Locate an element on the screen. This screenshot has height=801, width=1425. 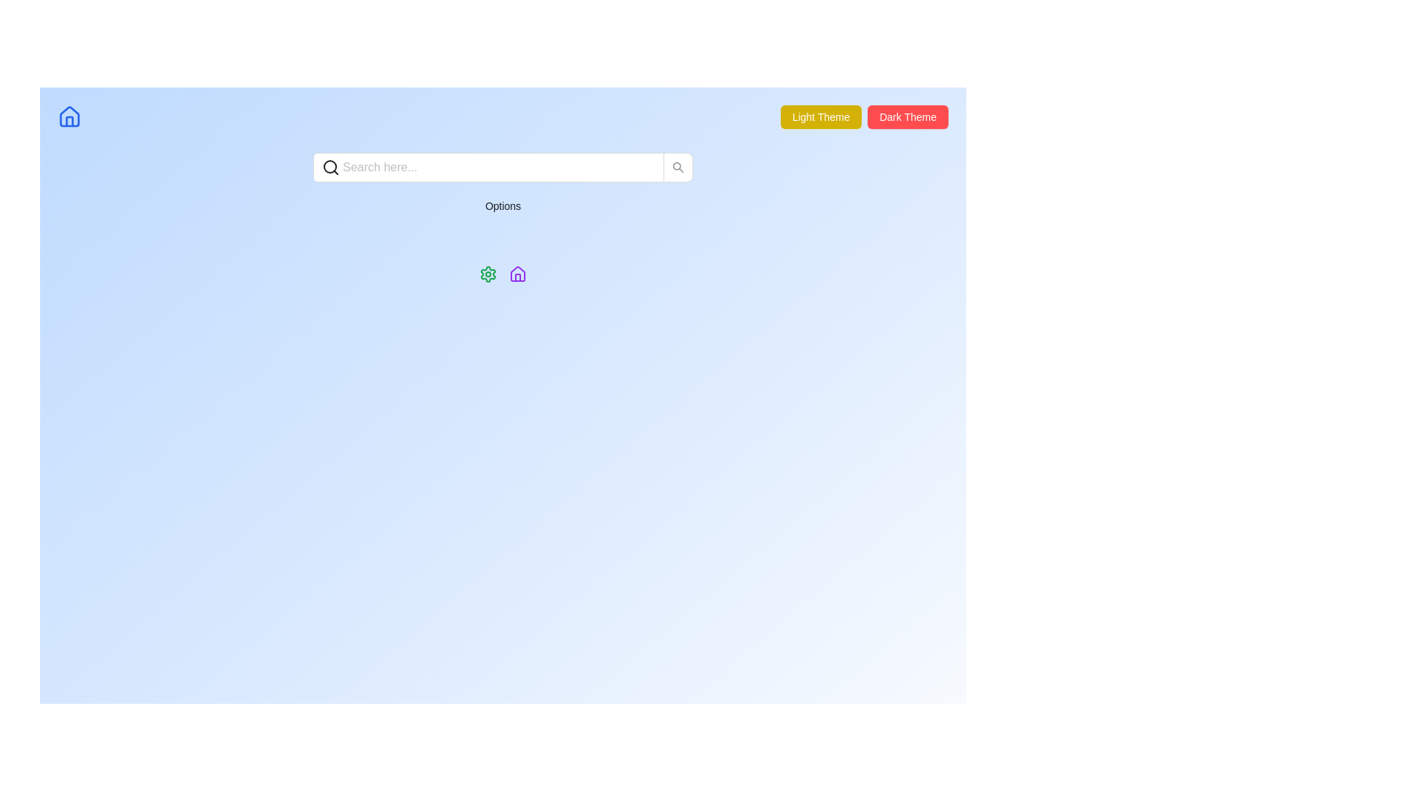
the search icon button (magnifying glass) located on the right side of the search bar is located at coordinates (677, 167).